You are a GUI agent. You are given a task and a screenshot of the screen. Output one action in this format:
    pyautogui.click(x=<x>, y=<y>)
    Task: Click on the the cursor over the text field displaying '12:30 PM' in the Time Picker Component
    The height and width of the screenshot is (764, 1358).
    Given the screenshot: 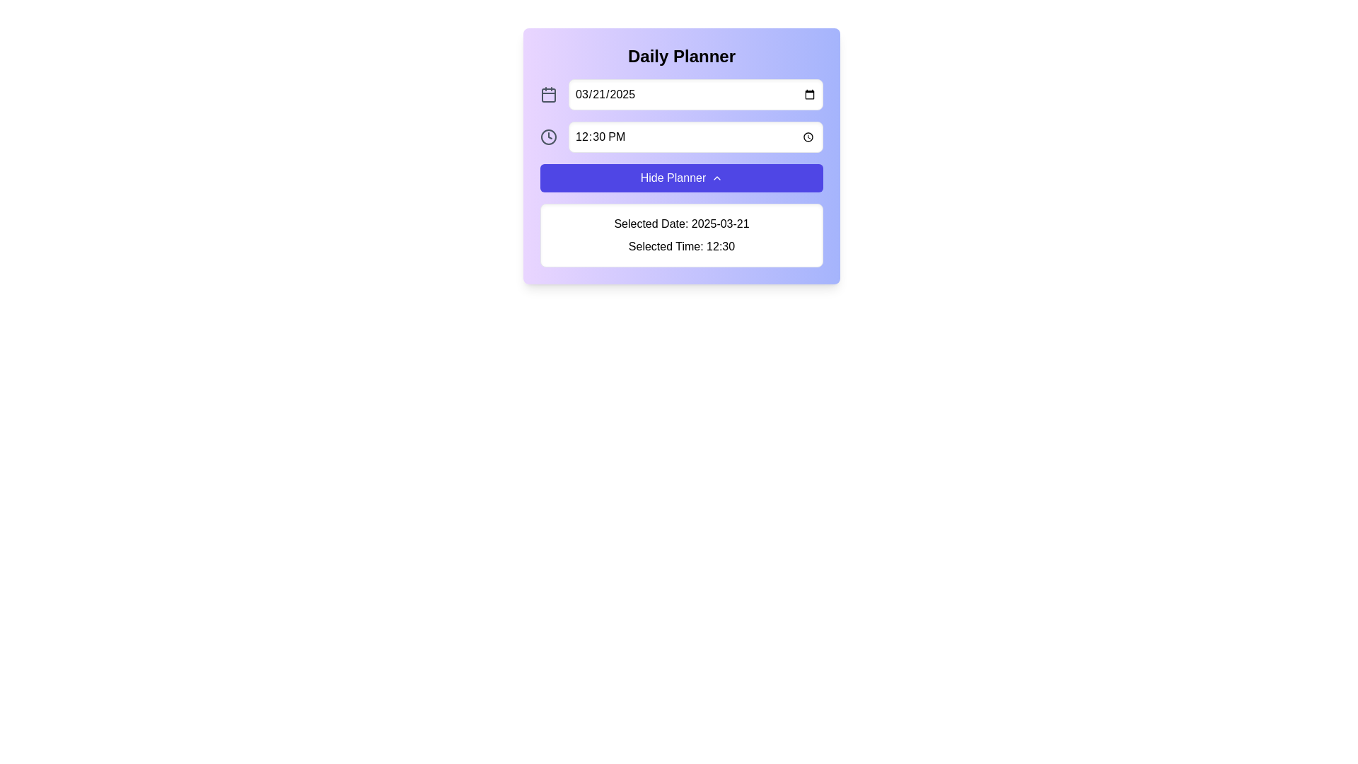 What is the action you would take?
    pyautogui.click(x=682, y=137)
    